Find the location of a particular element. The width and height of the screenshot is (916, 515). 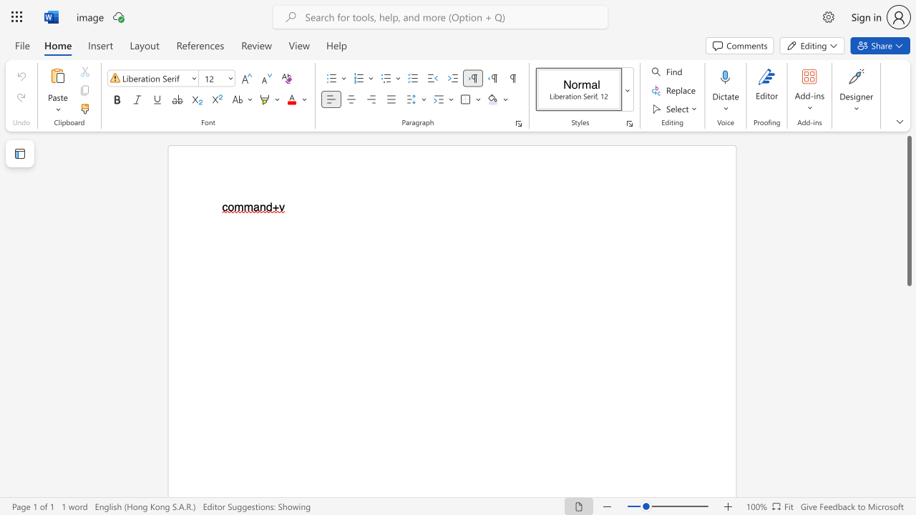

the scrollbar on the right to shift the page lower is located at coordinates (908, 393).